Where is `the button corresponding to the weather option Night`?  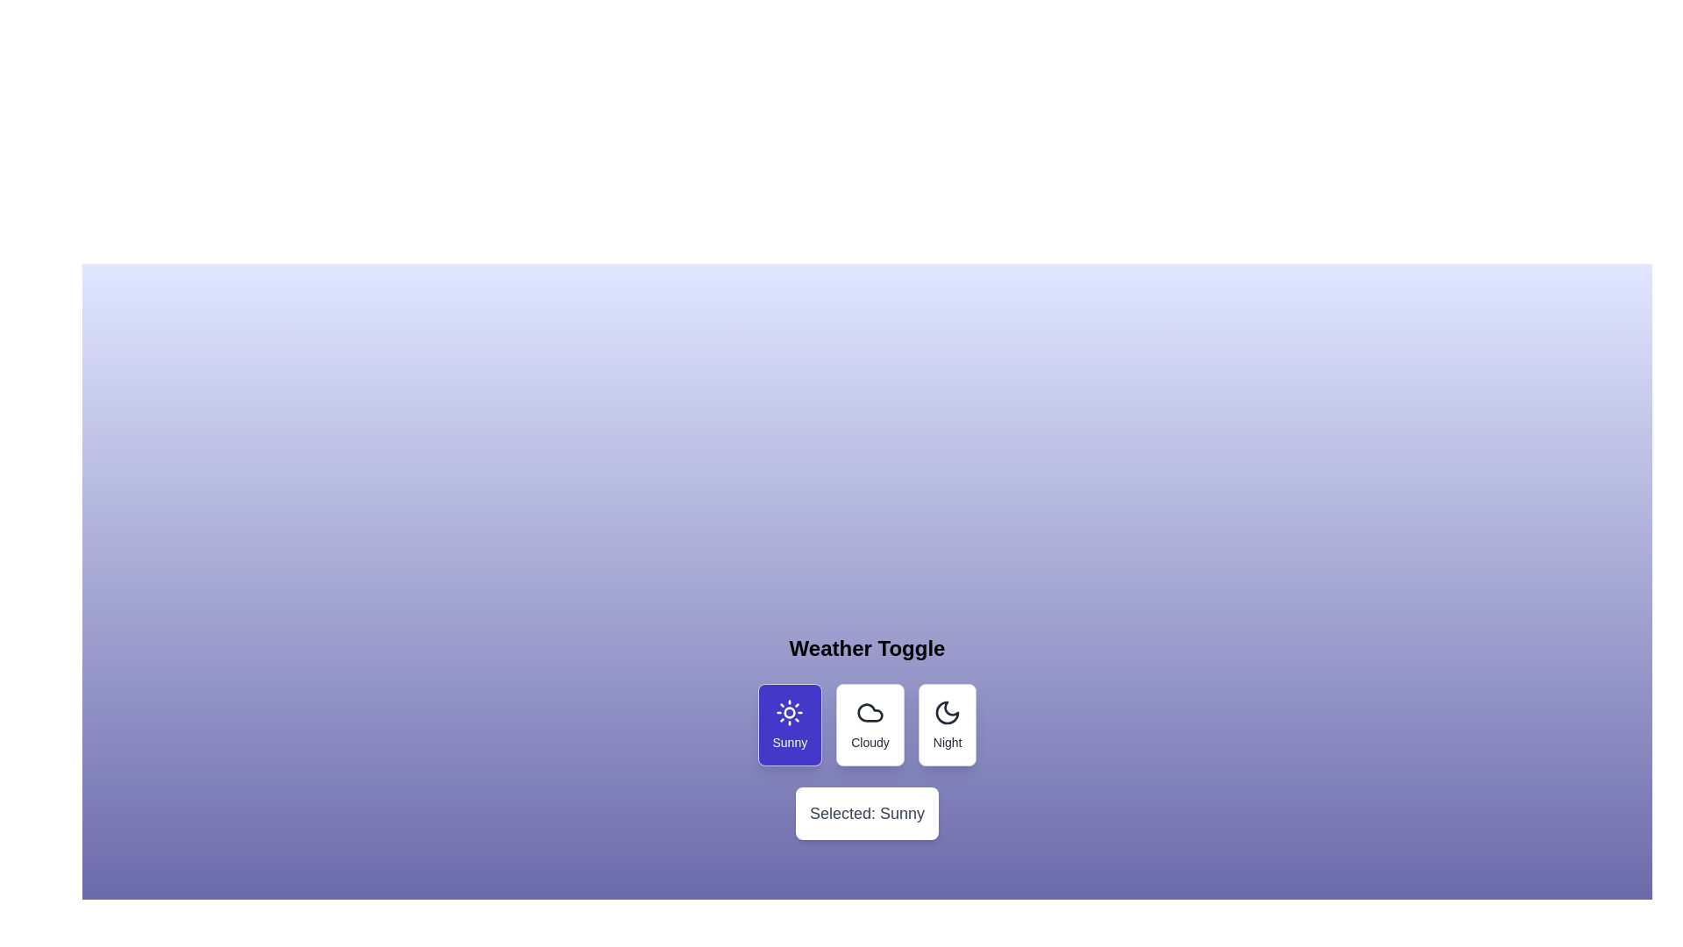 the button corresponding to the weather option Night is located at coordinates (947, 724).